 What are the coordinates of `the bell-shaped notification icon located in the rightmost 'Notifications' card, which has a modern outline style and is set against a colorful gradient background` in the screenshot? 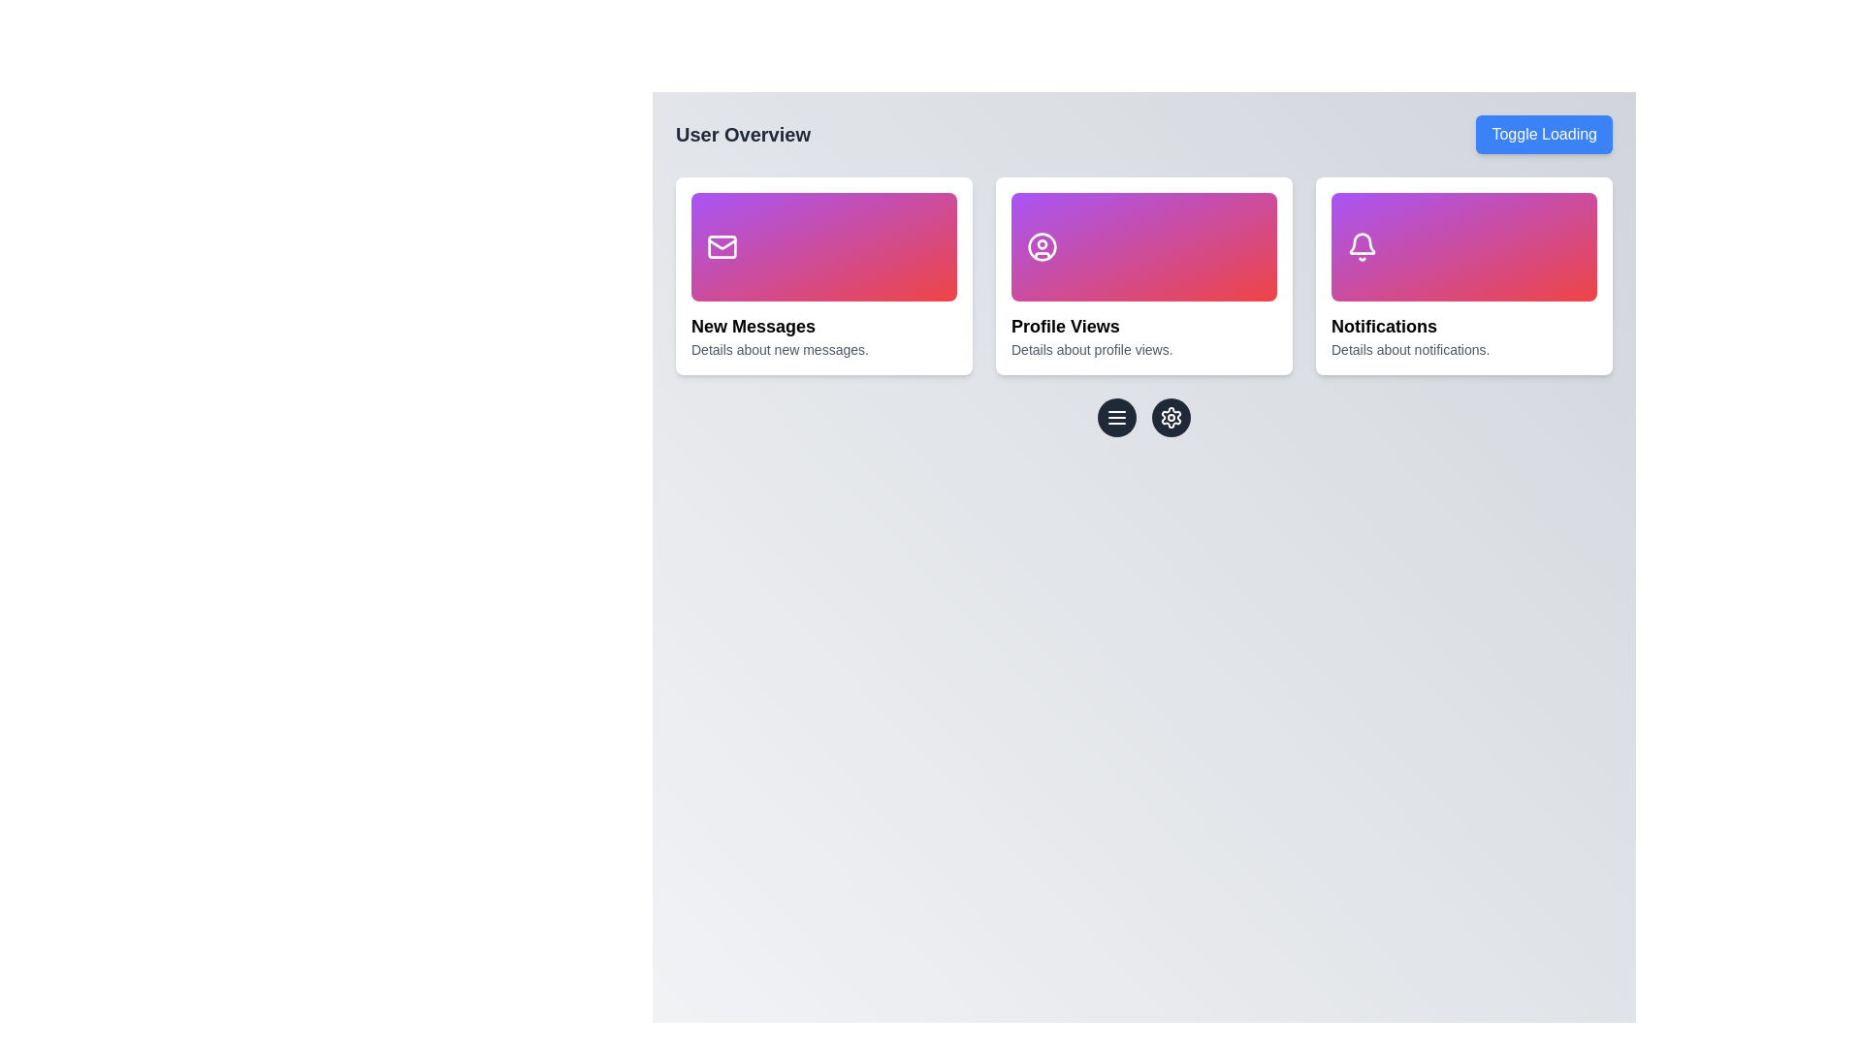 It's located at (1362, 245).